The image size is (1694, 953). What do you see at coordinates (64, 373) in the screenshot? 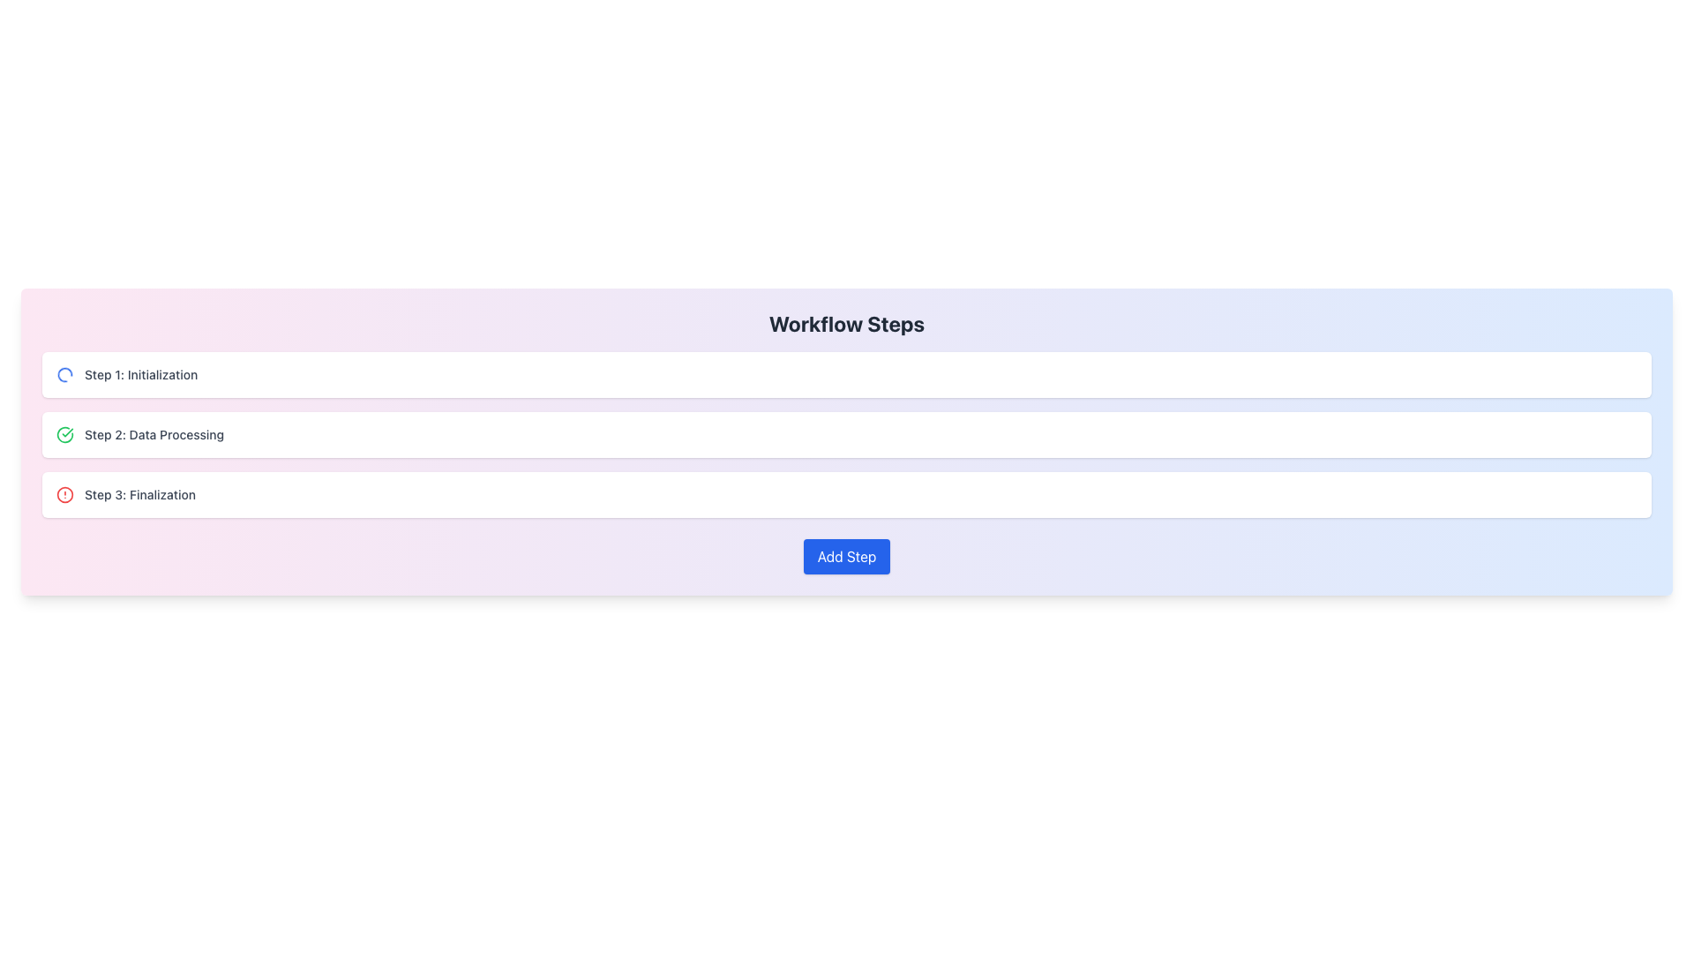
I see `the circular animated loader icon styled with a blue hue located to the left of 'Step 1: Initialization' in the first workflow step row` at bounding box center [64, 373].